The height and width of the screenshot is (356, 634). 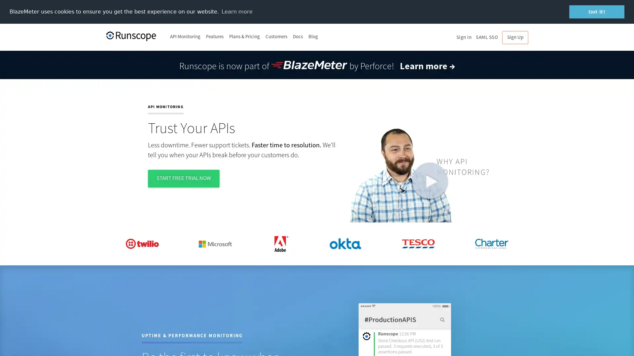 What do you see at coordinates (237, 11) in the screenshot?
I see `learn more about cookies` at bounding box center [237, 11].